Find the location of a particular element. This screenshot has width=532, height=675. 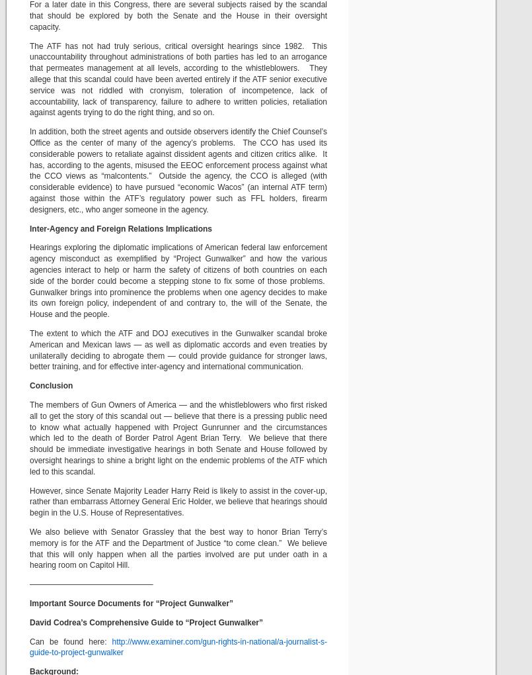

'Can be found here:' is located at coordinates (69, 641).